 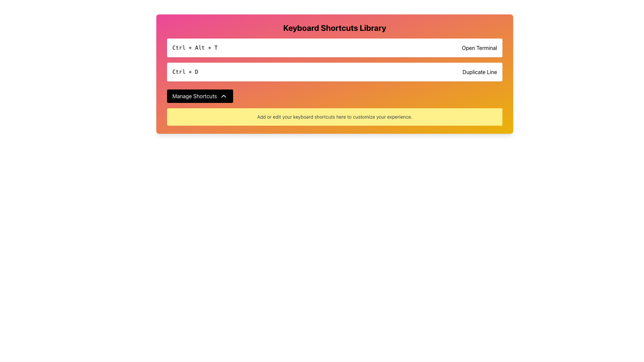 I want to click on the button or clickable label that opens the terminal, located at the top-right corner of the interface, displaying 'Ctrl + Alt + T', so click(x=479, y=47).